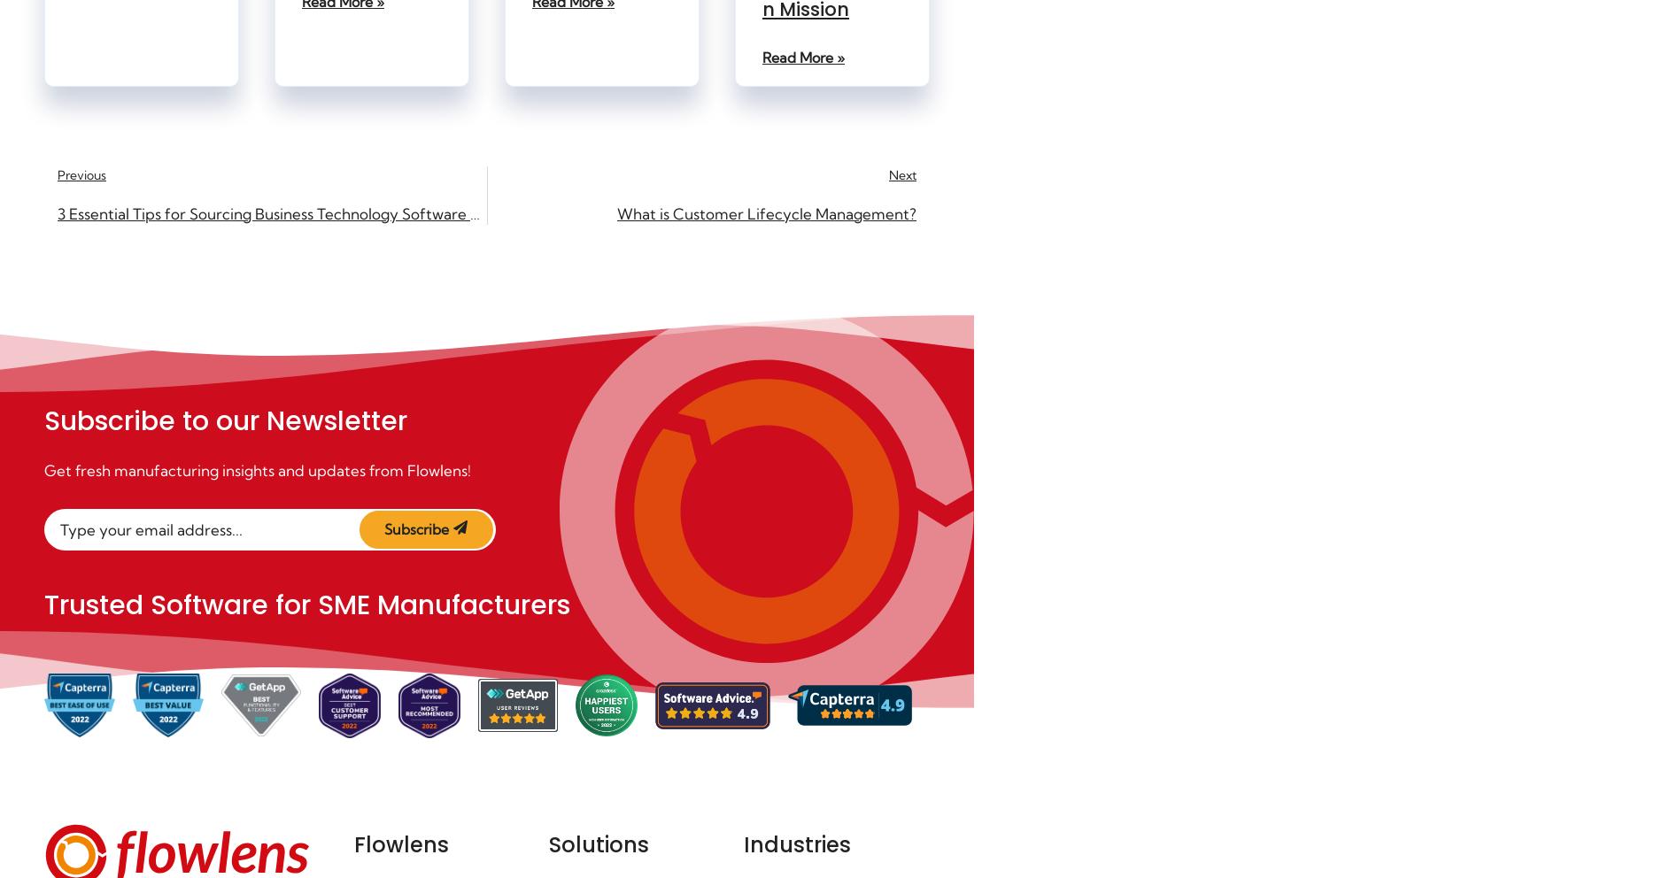 The width and height of the screenshot is (1655, 878). What do you see at coordinates (399, 844) in the screenshot?
I see `'Flowlens'` at bounding box center [399, 844].